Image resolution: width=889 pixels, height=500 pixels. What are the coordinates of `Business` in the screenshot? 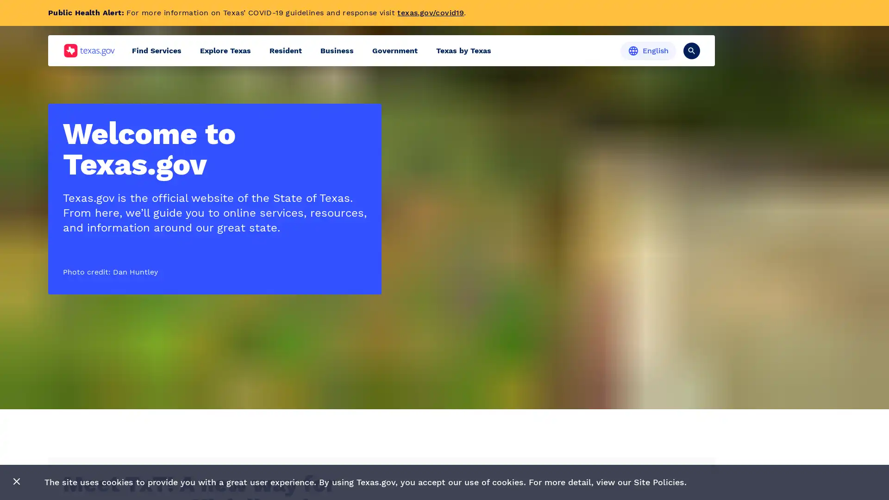 It's located at (337, 50).